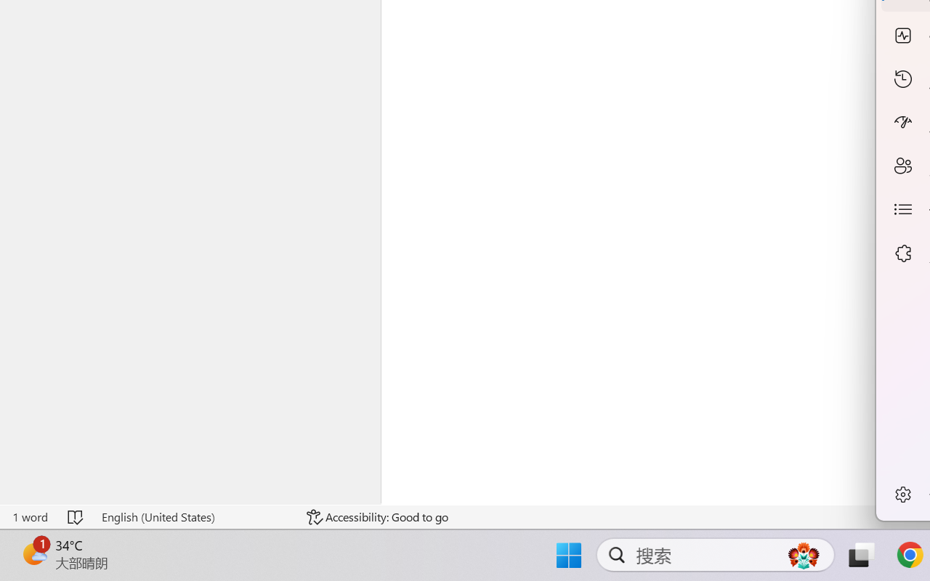 The image size is (930, 581). What do you see at coordinates (30, 516) in the screenshot?
I see `'Word Count 1 word'` at bounding box center [30, 516].